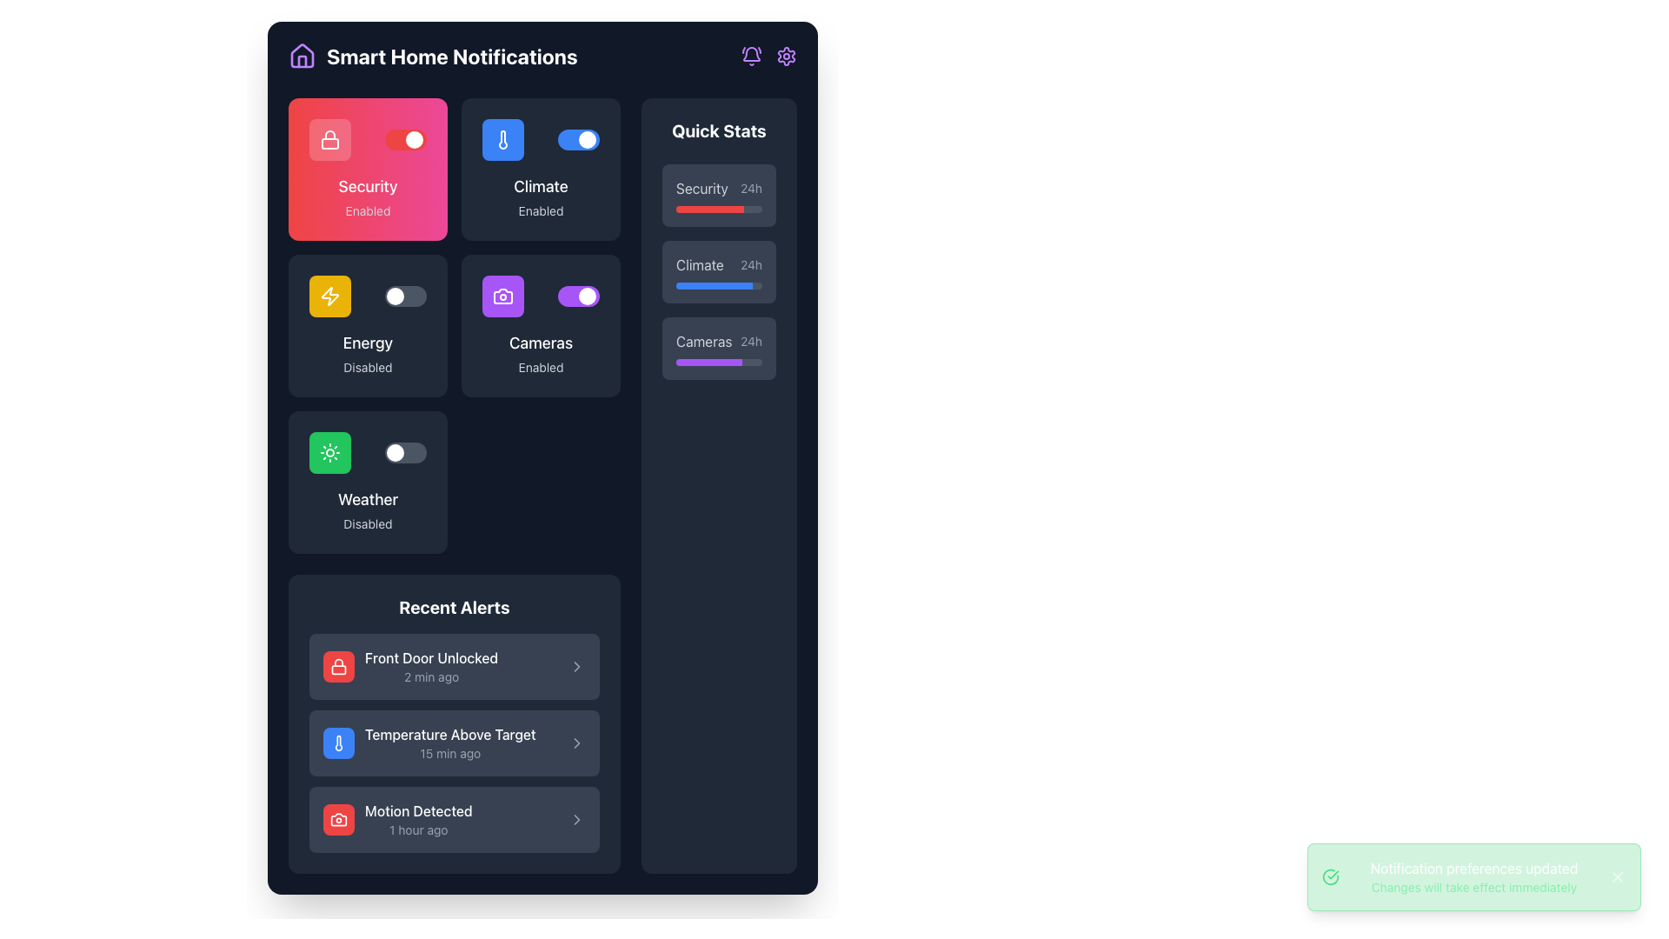 The image size is (1669, 939). What do you see at coordinates (329, 451) in the screenshot?
I see `the green icon-based button with a white sun icon, located at the bottom-left of the button panel adjacent to the 'Weather' label` at bounding box center [329, 451].